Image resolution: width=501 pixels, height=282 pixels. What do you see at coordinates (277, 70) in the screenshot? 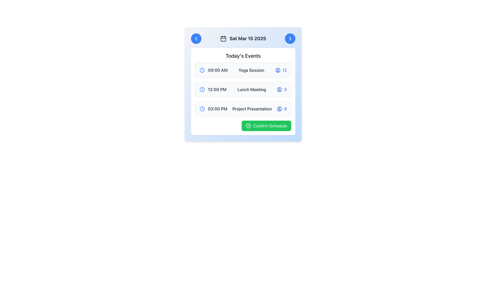
I see `the user icon in the circular frame with blue strokes located next to the number '12' in the '09:00 AM Yoga Session' entry of the event schedule interface` at bounding box center [277, 70].